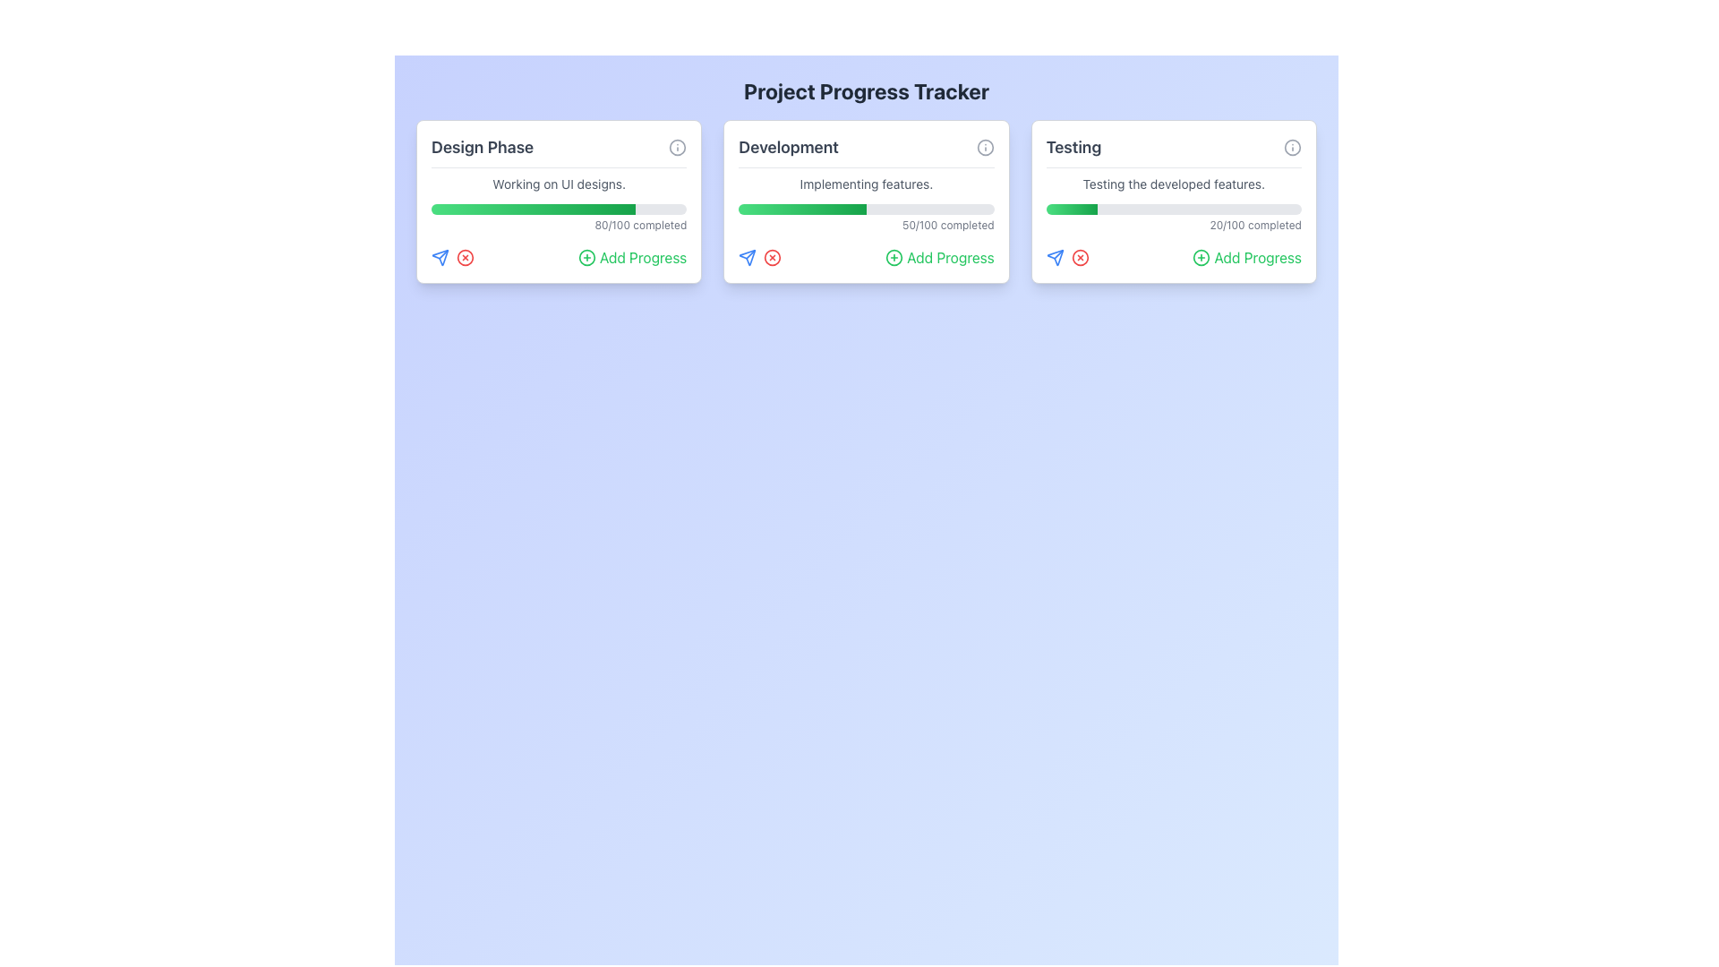  Describe the element at coordinates (1174, 201) in the screenshot. I see `the progress tracker card located in the third column of the grid layout` at that location.